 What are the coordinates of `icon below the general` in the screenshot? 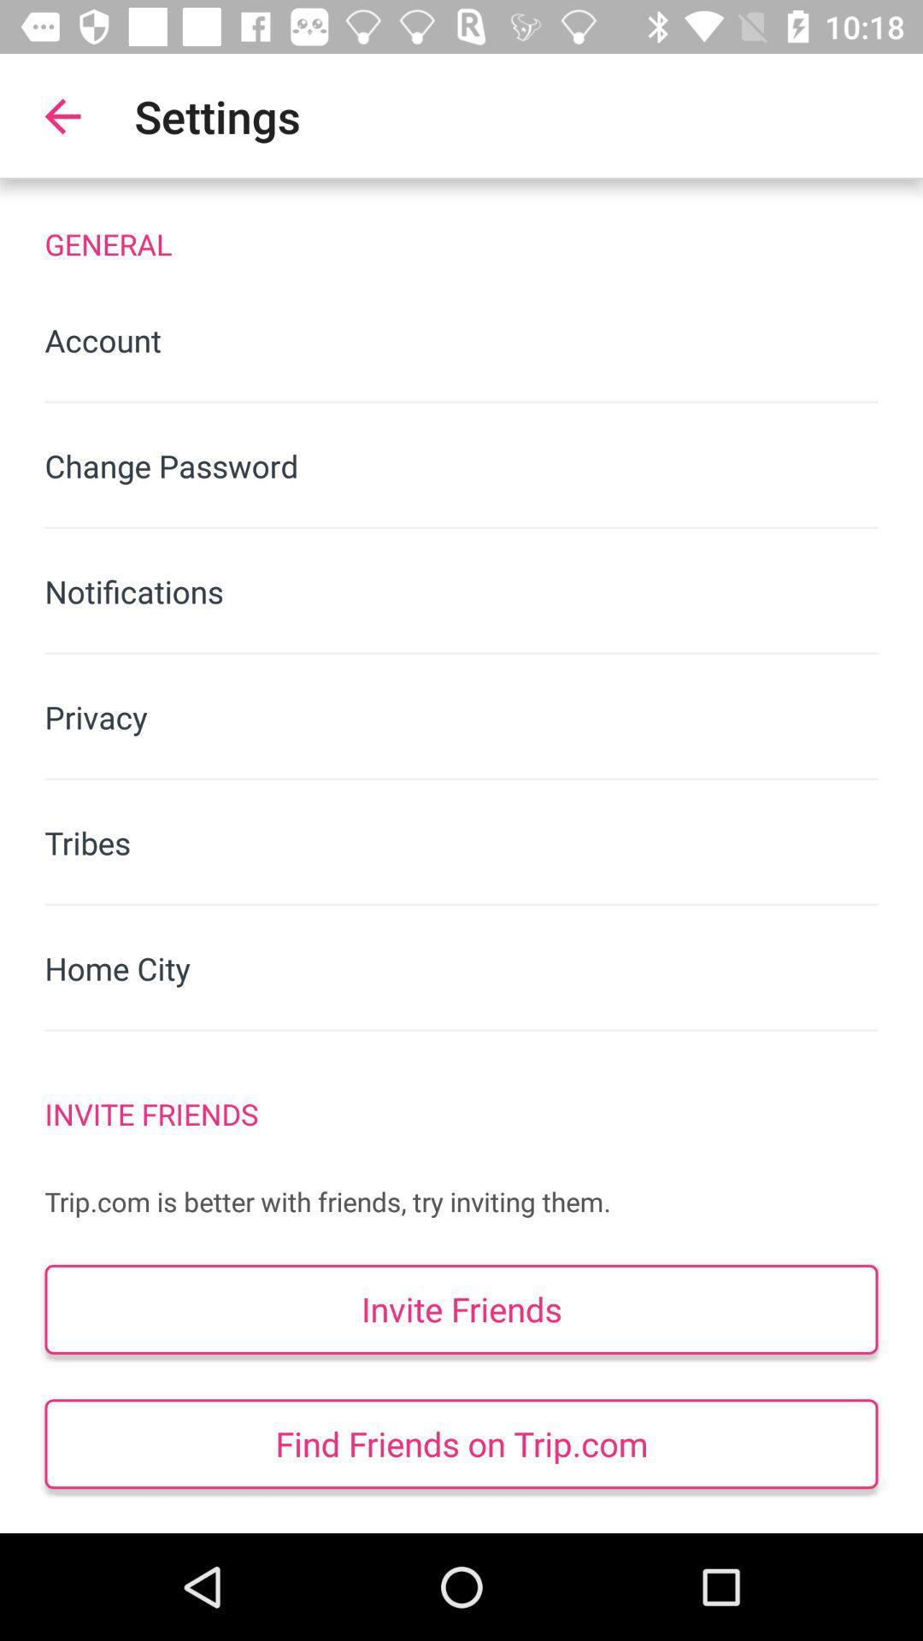 It's located at (461, 340).